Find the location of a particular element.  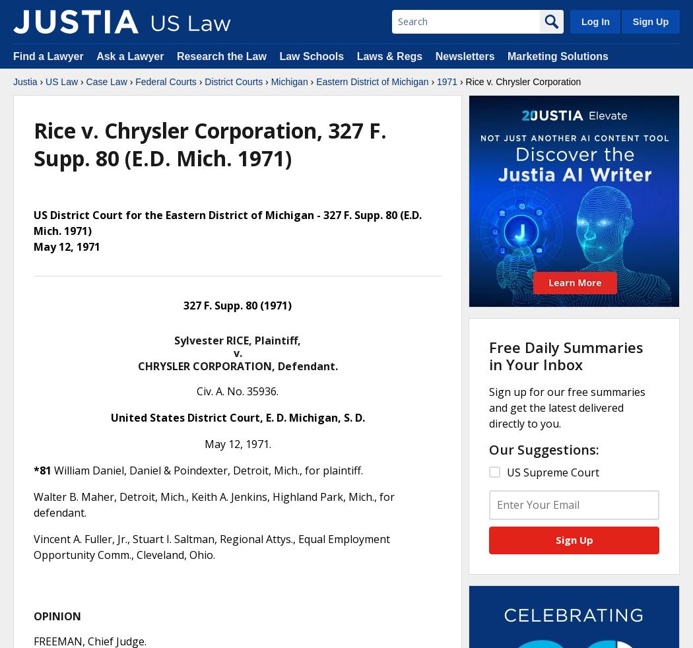

'May 12, 1971' is located at coordinates (67, 247).